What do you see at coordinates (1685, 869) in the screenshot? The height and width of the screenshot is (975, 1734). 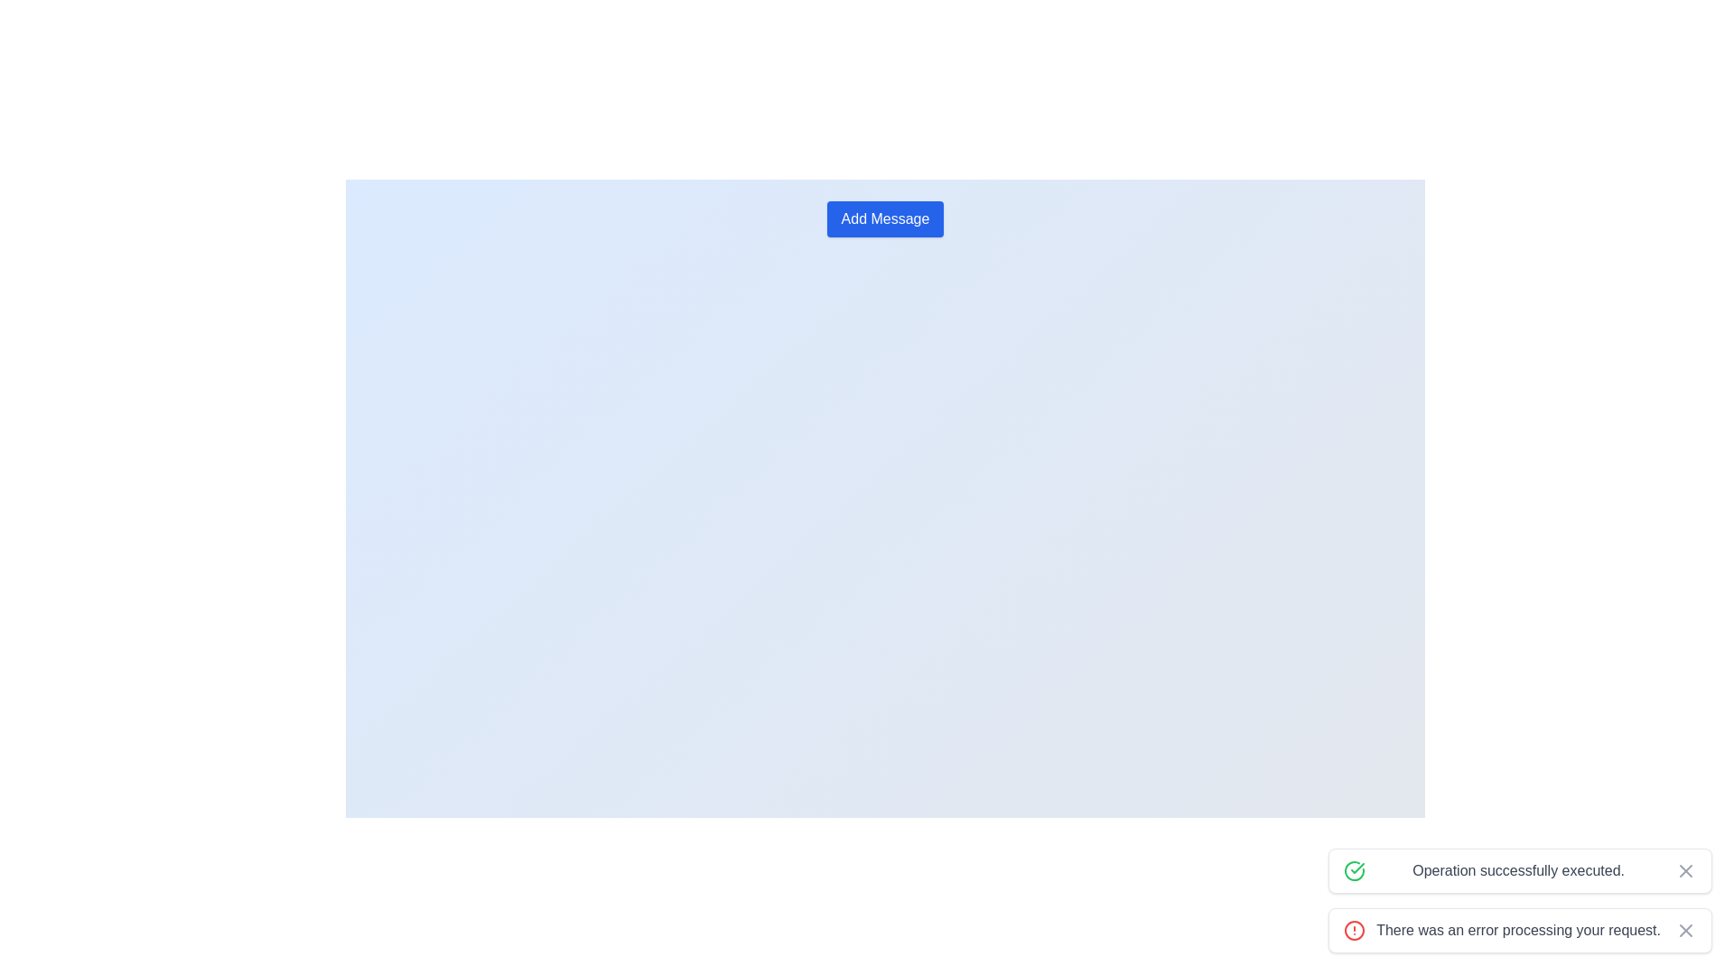 I see `the close button on the right side of the notification bar that displays 'Operation successfully executed.'` at bounding box center [1685, 869].